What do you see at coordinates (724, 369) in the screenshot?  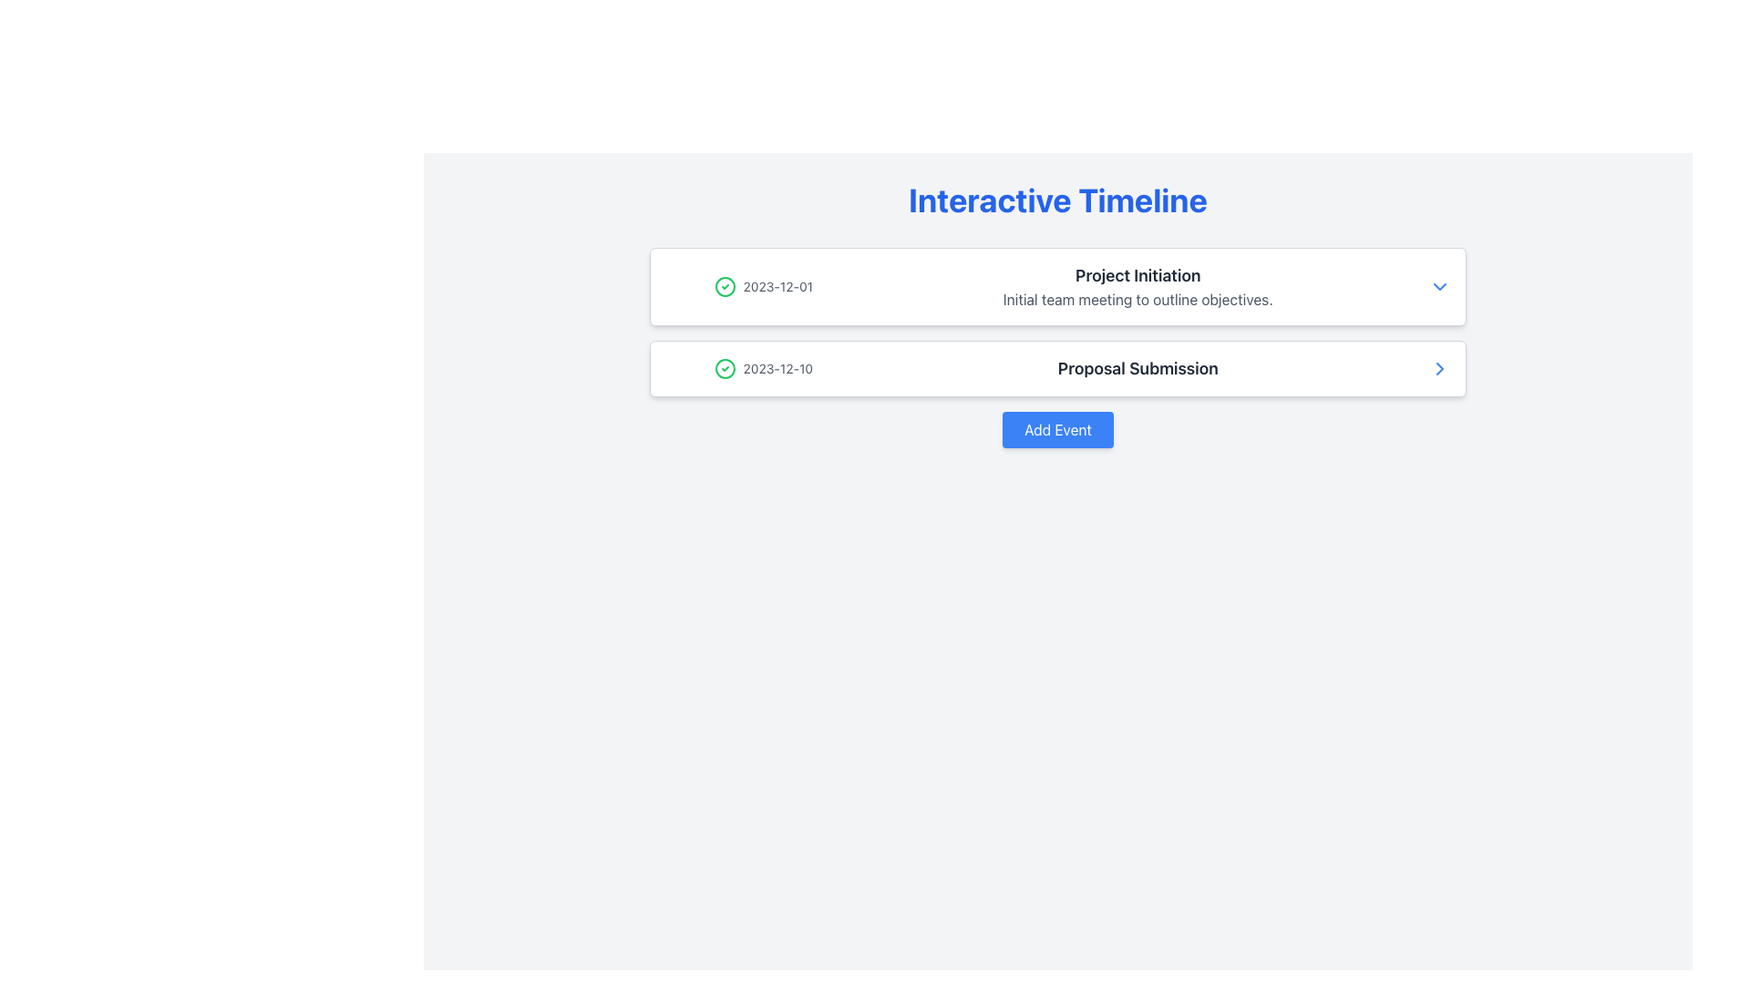 I see `the green checkmark icon encircled by a green border, which is located to the left of the text '2023-12-10'` at bounding box center [724, 369].